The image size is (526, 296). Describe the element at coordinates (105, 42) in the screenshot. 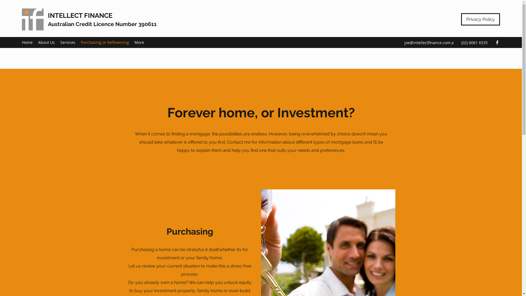

I see `'Purchasing or Refinancing'` at that location.